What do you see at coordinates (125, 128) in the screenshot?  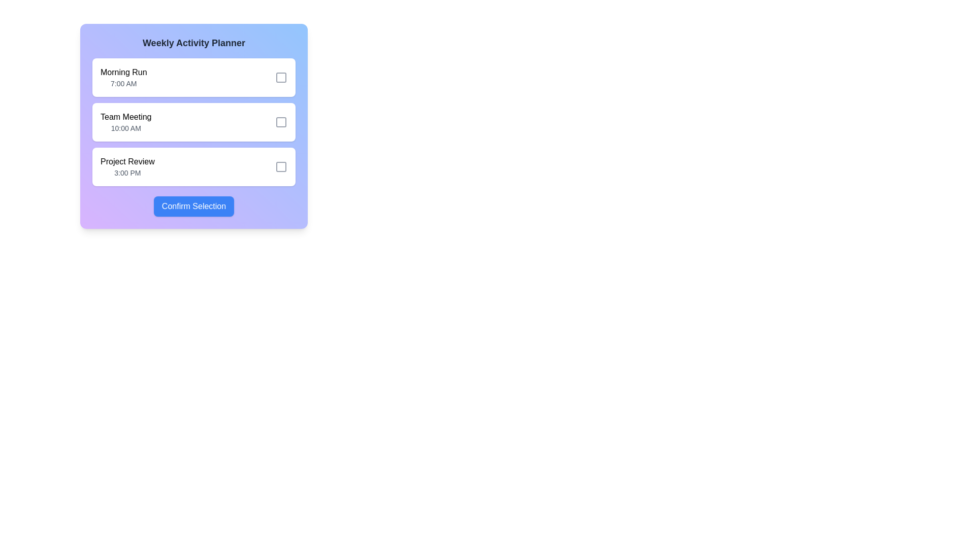 I see `the text label displaying '10:00 AM', which is located beneath 'Team Meeting' in the second card of the 'Weekly Activity Planner' section` at bounding box center [125, 128].